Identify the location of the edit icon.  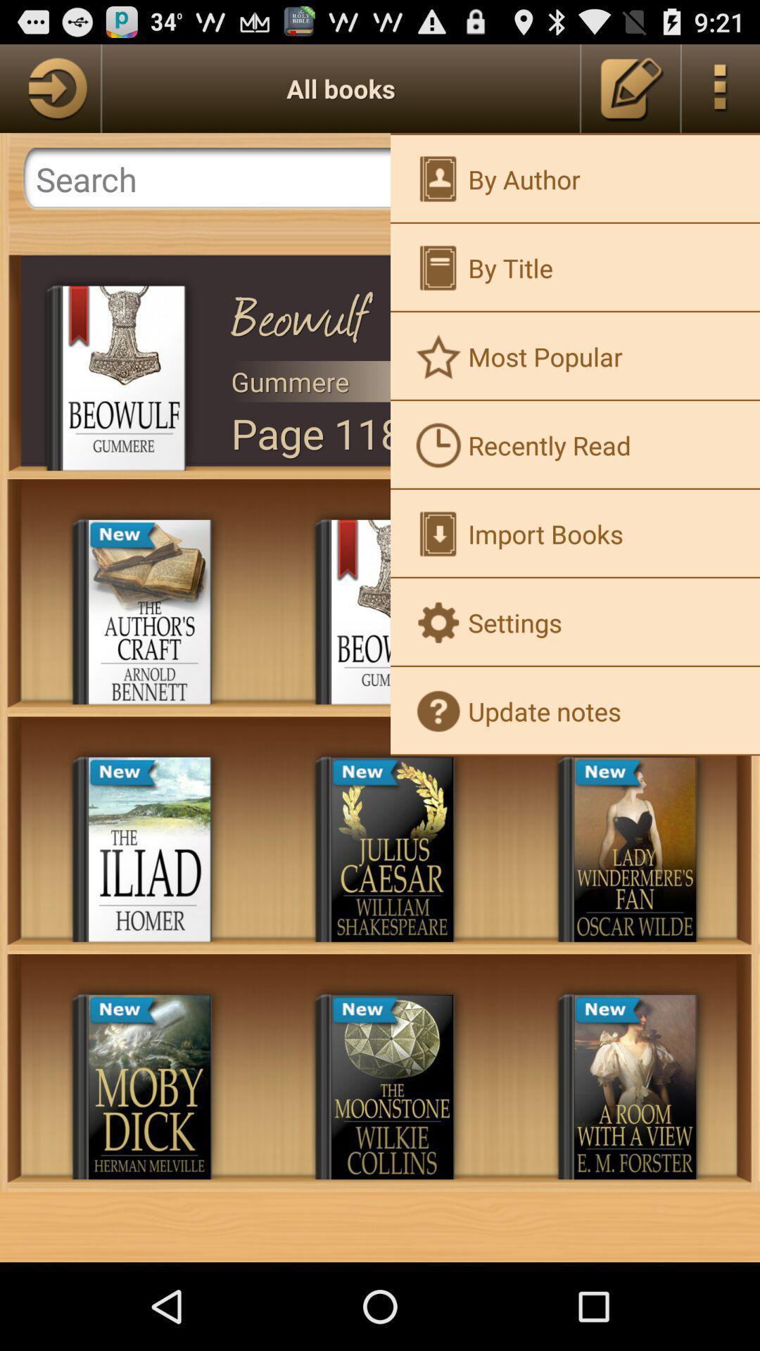
(631, 94).